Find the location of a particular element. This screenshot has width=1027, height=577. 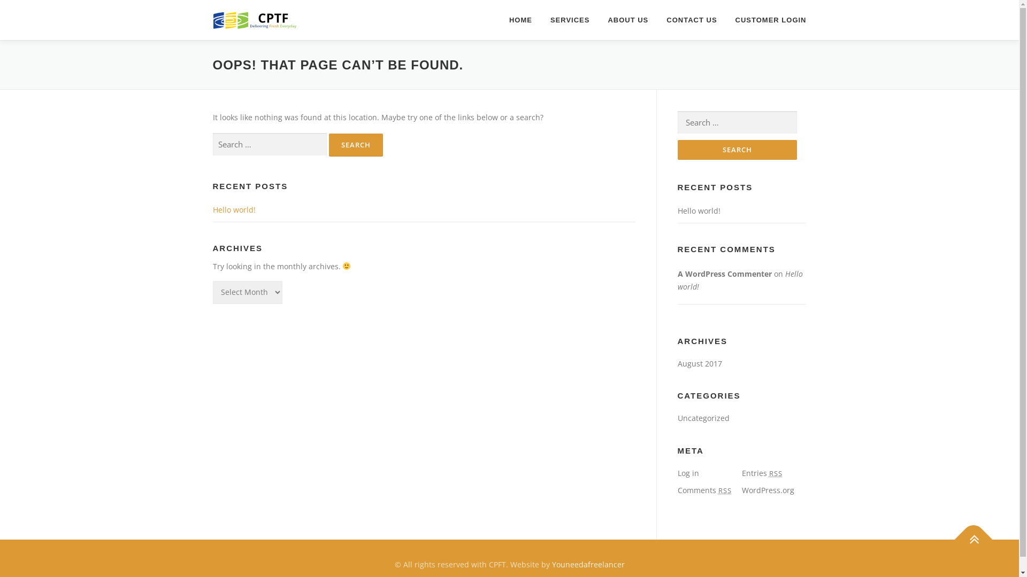

'Comments RSS' is located at coordinates (704, 490).